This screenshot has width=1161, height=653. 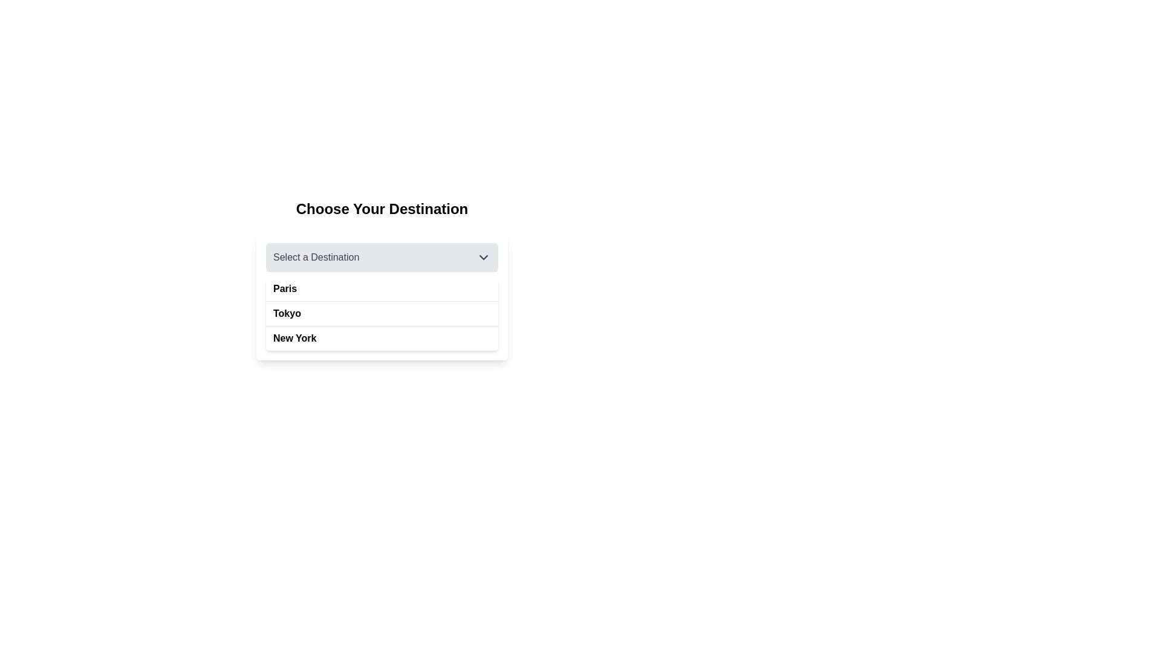 I want to click on the dropdown indicator icon located at the far right of the 'Select a Destination' button, so click(x=484, y=256).